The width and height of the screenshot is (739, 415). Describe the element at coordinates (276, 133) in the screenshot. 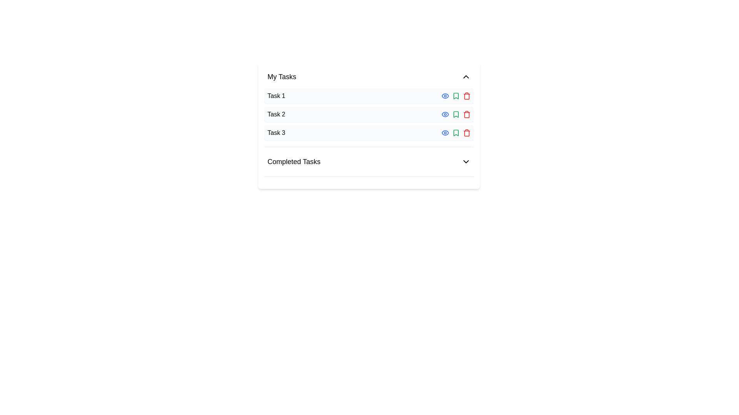

I see `the non-interactive text label that displays the title for the third task in the list, located below 'Task 2' and above the 'Completed Tasks' header` at that location.